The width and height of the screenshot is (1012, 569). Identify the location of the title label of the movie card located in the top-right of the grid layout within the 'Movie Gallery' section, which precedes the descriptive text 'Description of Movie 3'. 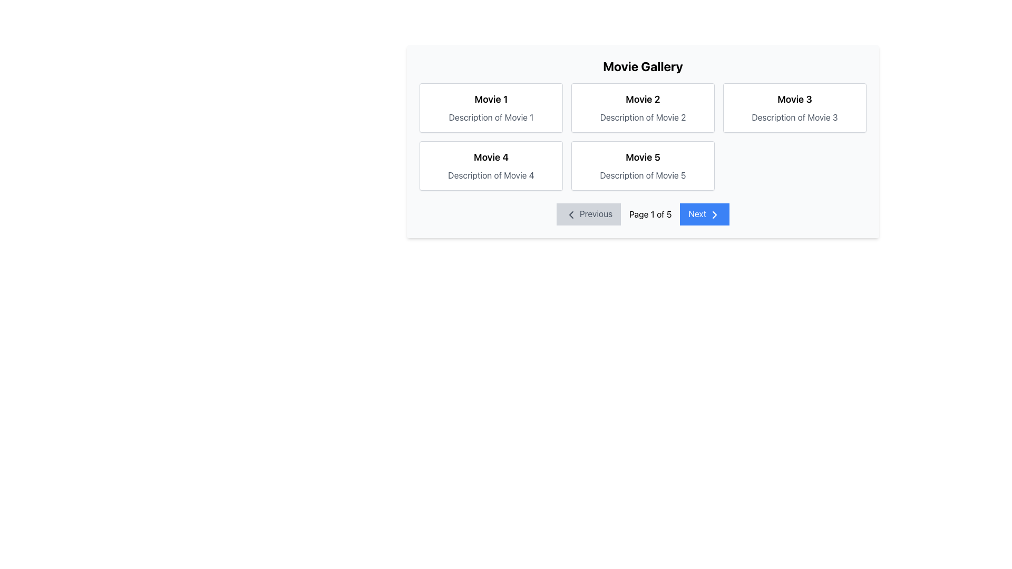
(794, 100).